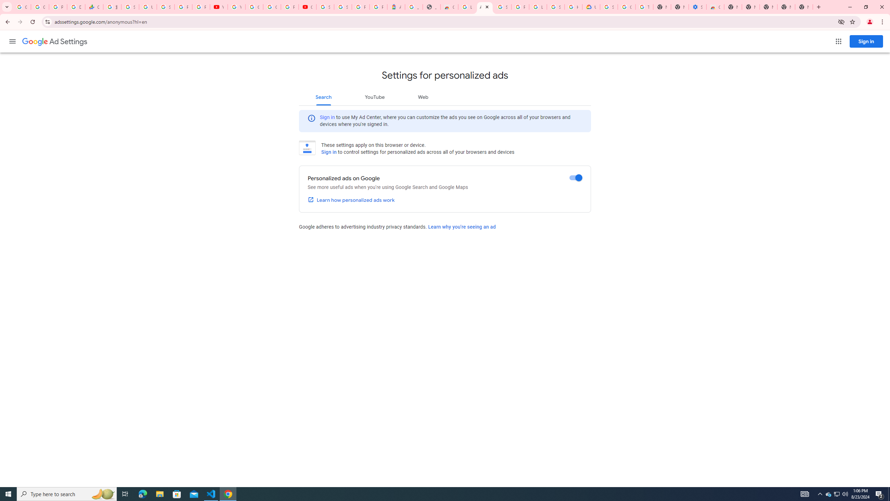 Image resolution: width=890 pixels, height=501 pixels. Describe the element at coordinates (697, 7) in the screenshot. I see `'Settings - Accessibility'` at that location.